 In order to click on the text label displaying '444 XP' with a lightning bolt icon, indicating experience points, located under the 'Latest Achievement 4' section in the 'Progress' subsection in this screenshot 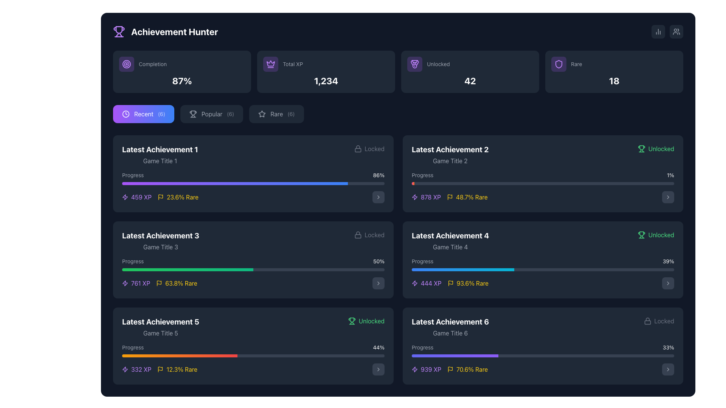, I will do `click(431, 283)`.